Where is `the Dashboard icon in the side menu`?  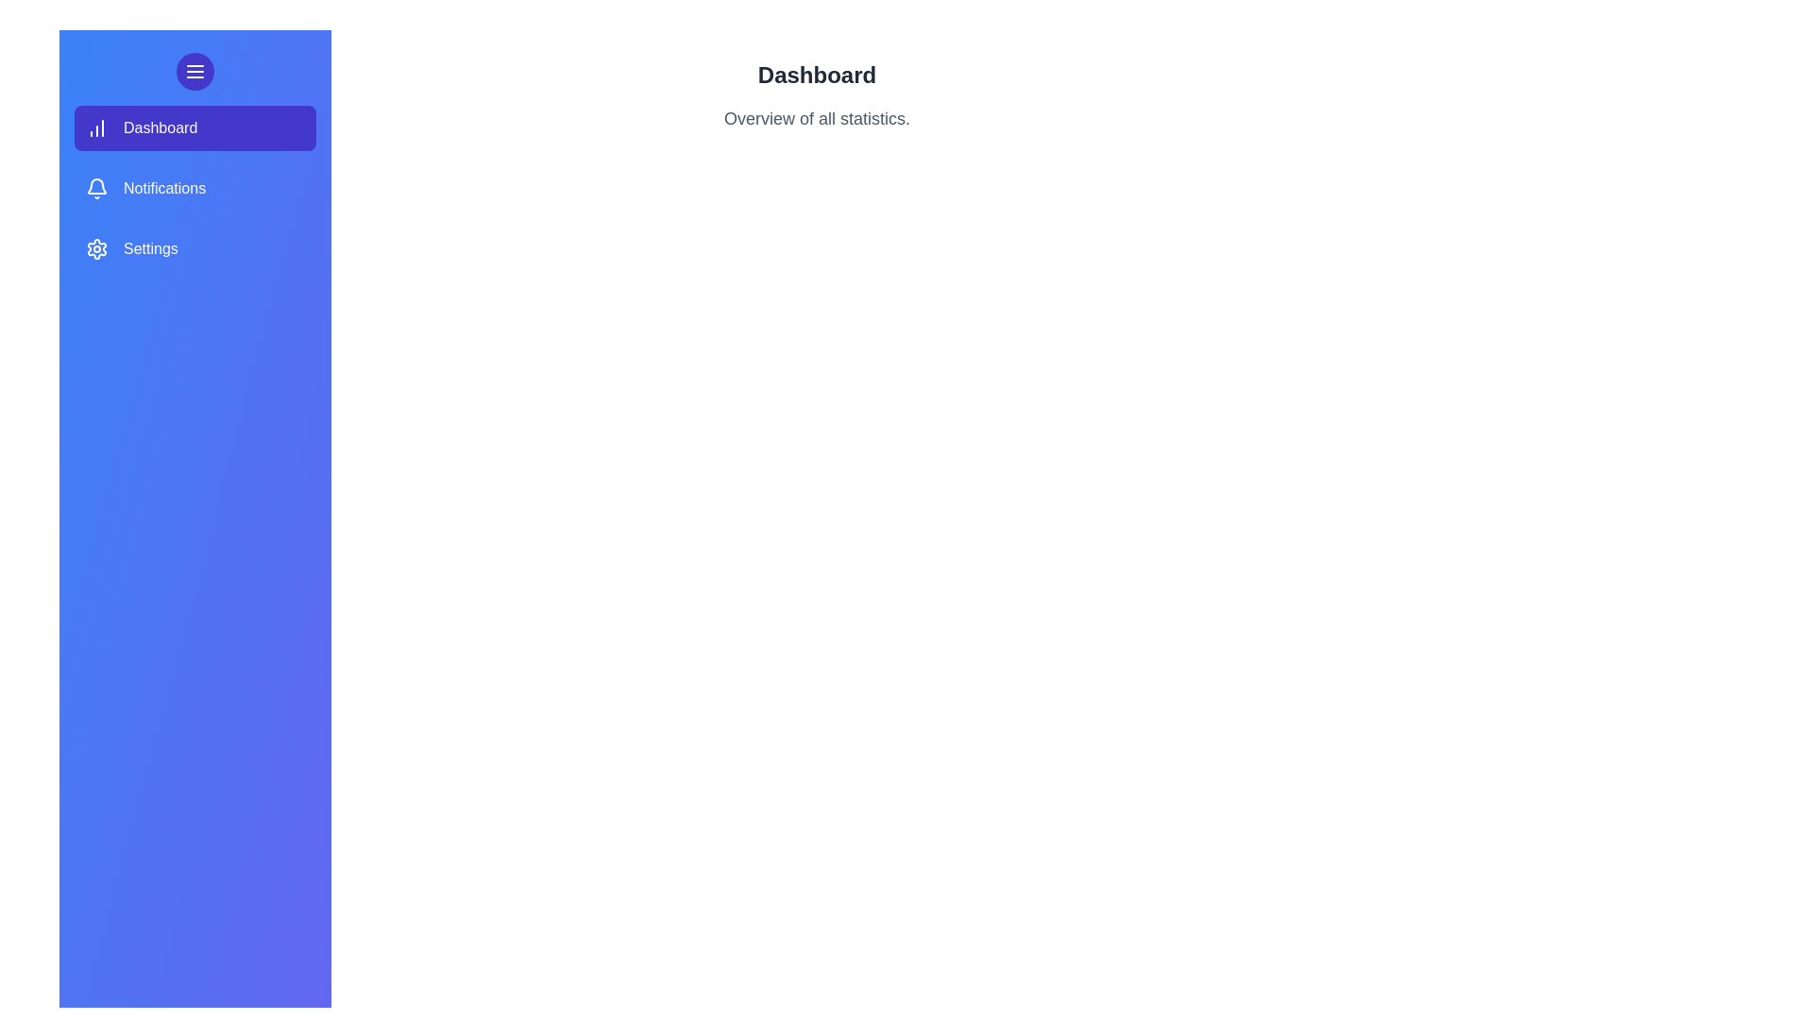
the Dashboard icon in the side menu is located at coordinates (95, 127).